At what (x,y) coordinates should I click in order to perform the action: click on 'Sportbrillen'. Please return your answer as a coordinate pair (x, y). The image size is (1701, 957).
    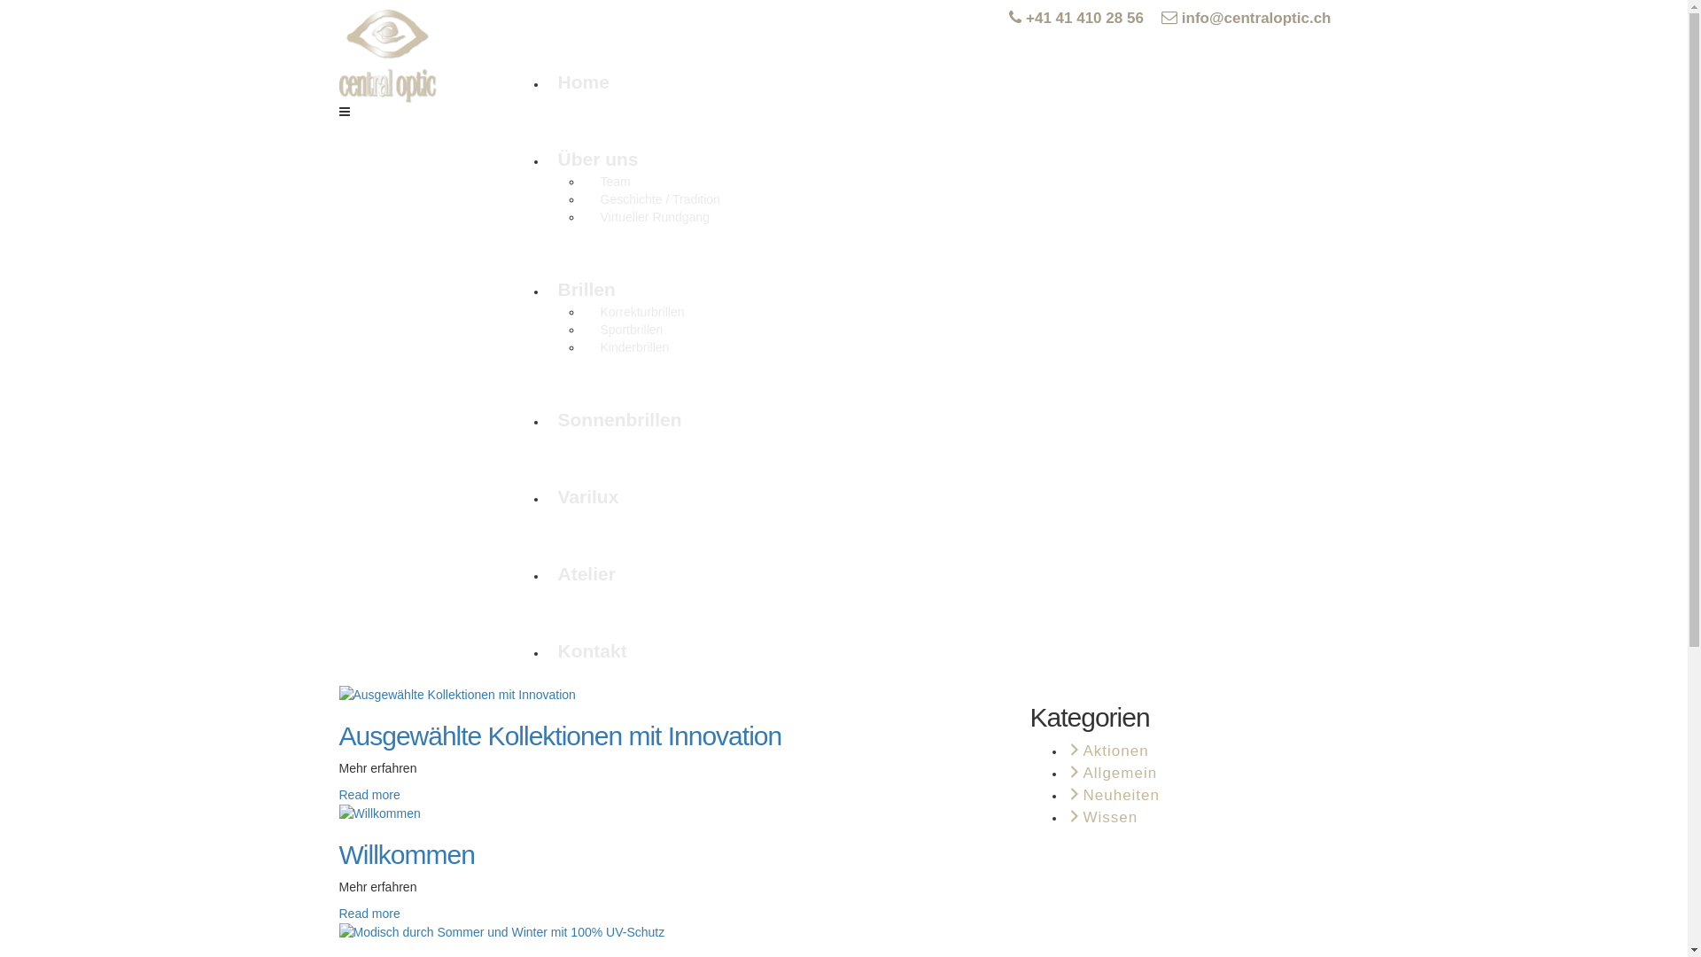
    Looking at the image, I should click on (632, 329).